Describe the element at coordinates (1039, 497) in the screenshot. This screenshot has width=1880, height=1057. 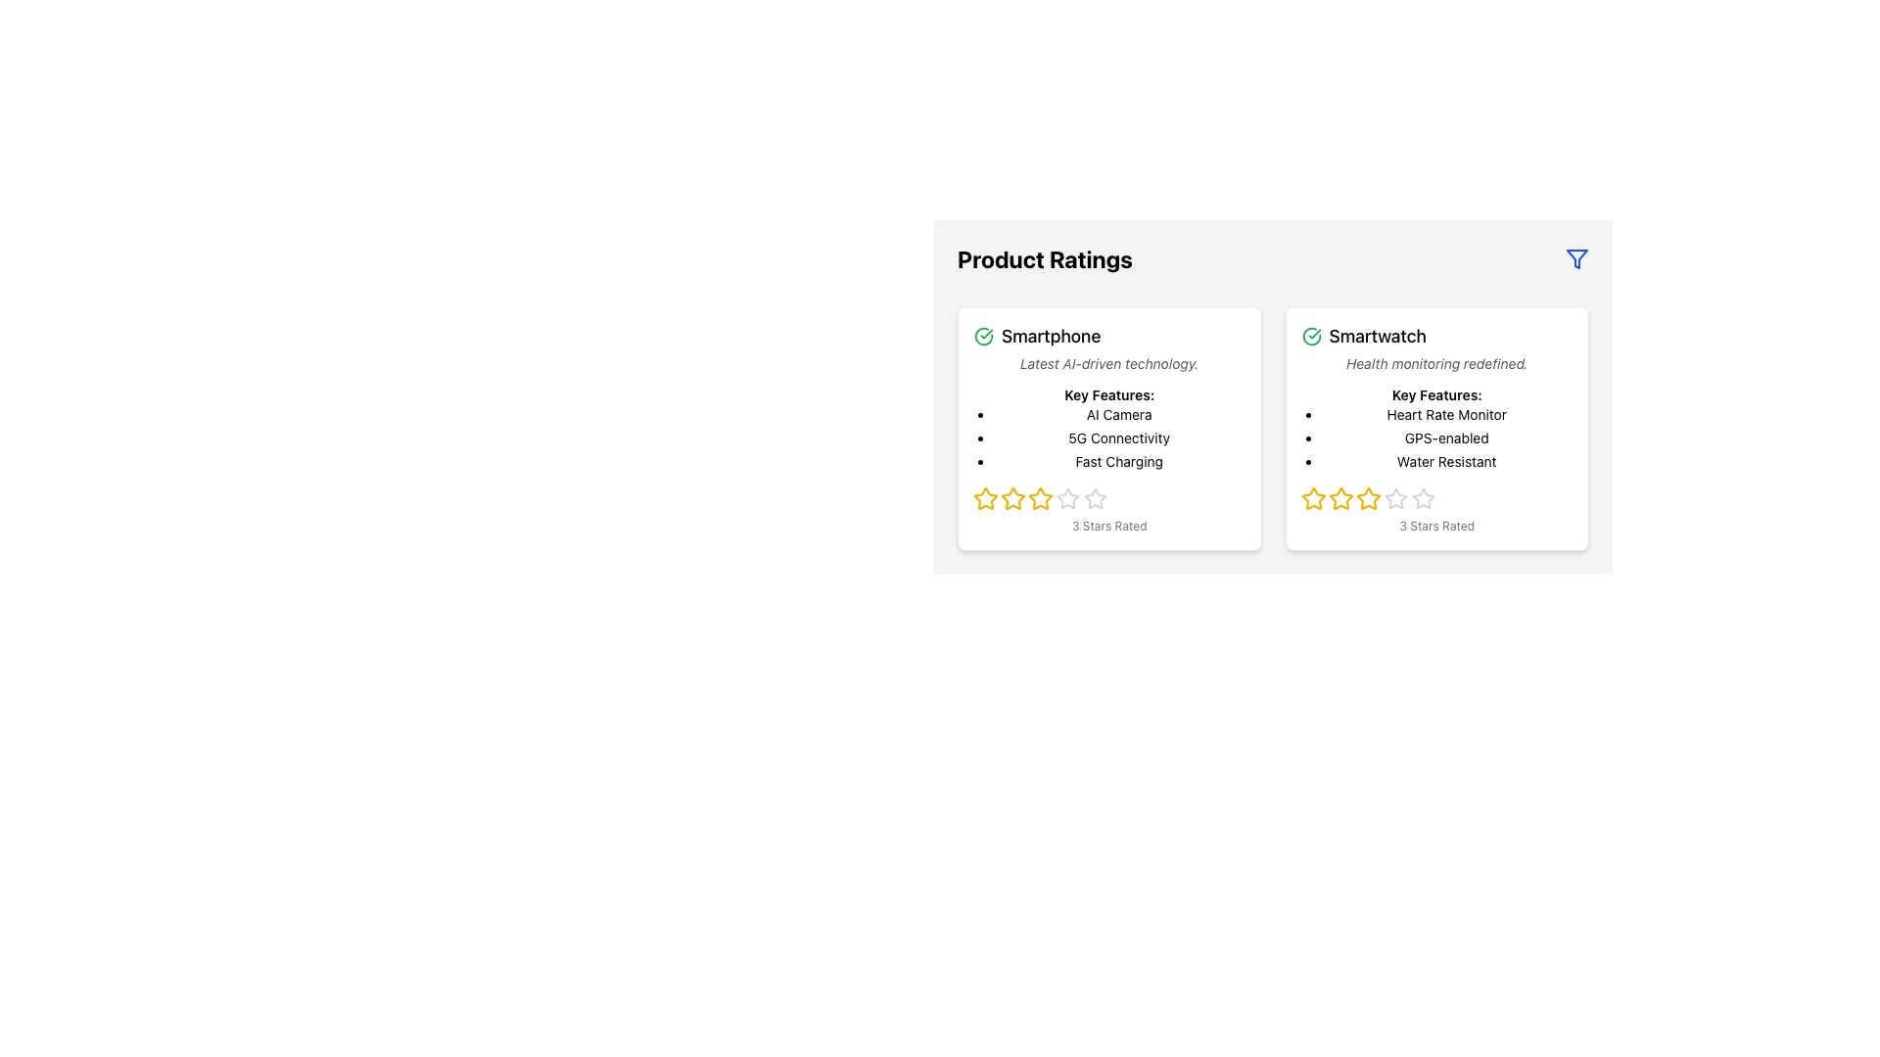
I see `the third yellow star icon in the rating system located under the 'Smartphone' card in the 'Product Ratings' section` at that location.